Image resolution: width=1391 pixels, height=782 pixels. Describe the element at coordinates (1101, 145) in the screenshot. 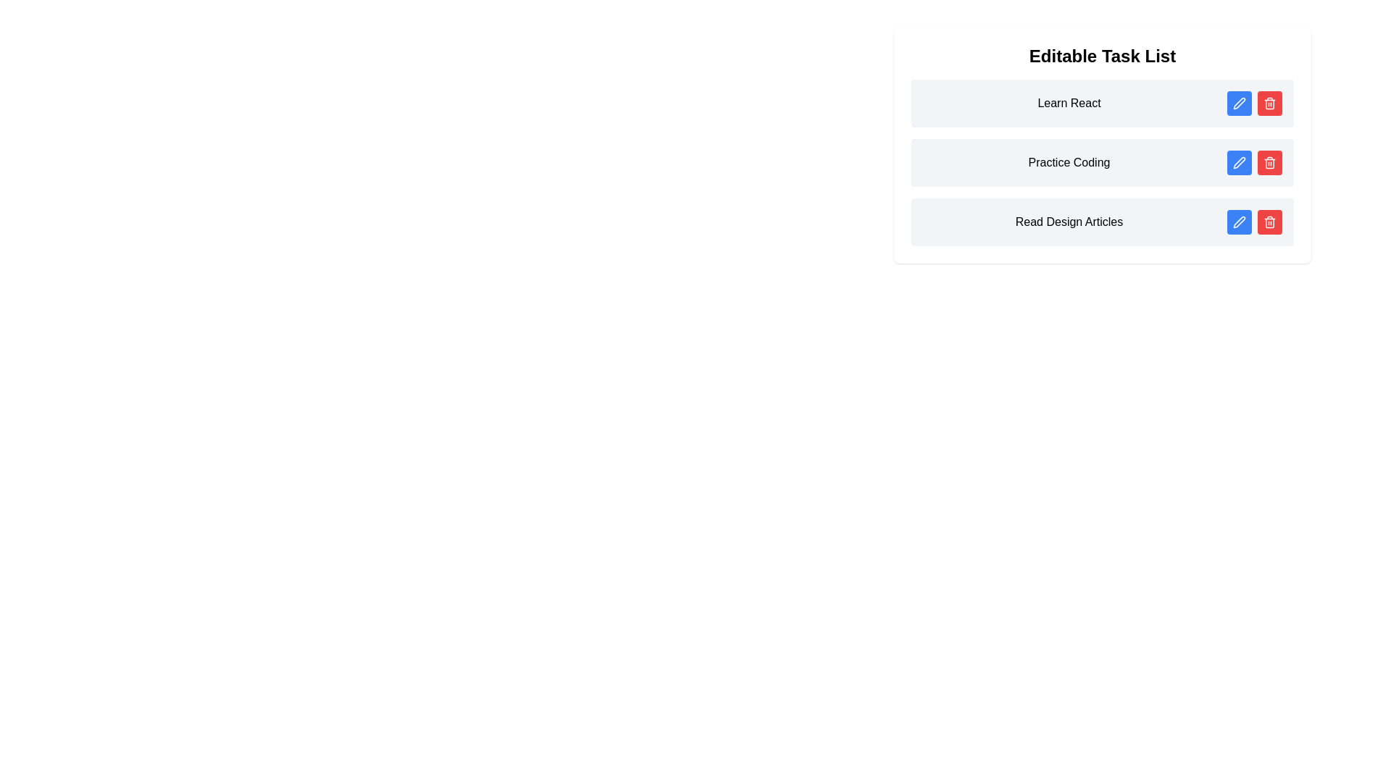

I see `the task item 'Practice Coding'` at that location.